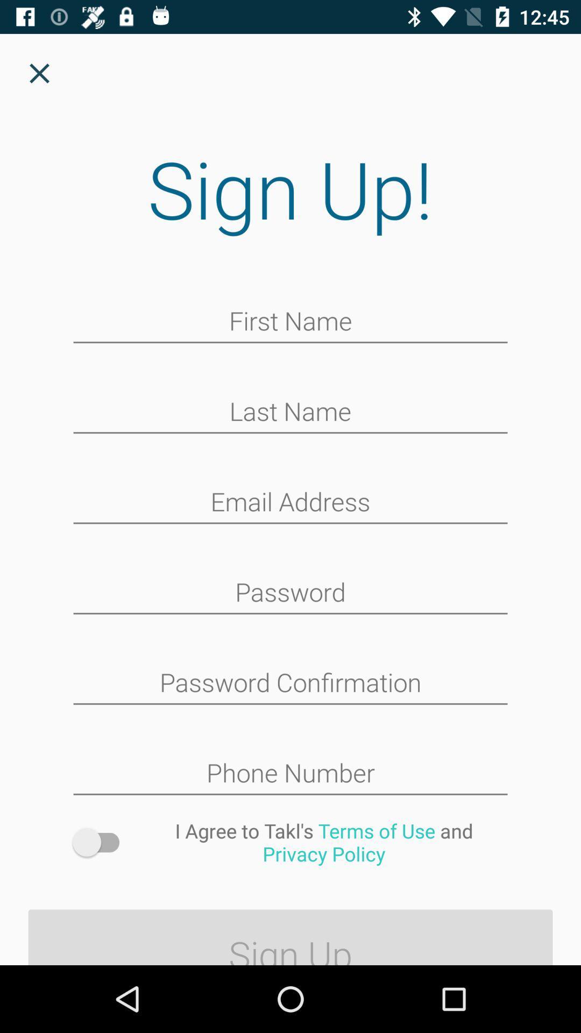  Describe the element at coordinates (290, 593) in the screenshot. I see `space to enter password` at that location.